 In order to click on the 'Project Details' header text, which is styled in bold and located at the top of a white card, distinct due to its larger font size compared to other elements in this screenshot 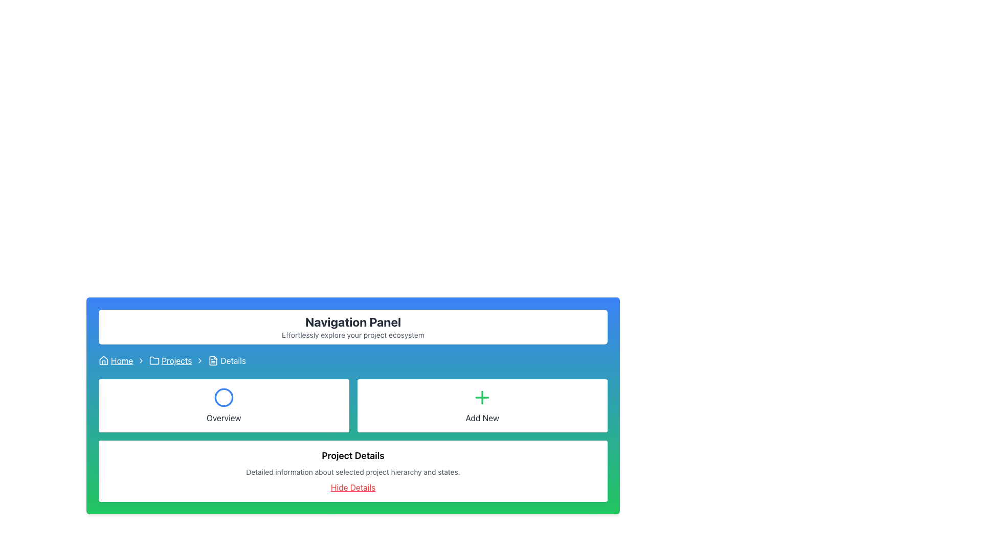, I will do `click(353, 455)`.